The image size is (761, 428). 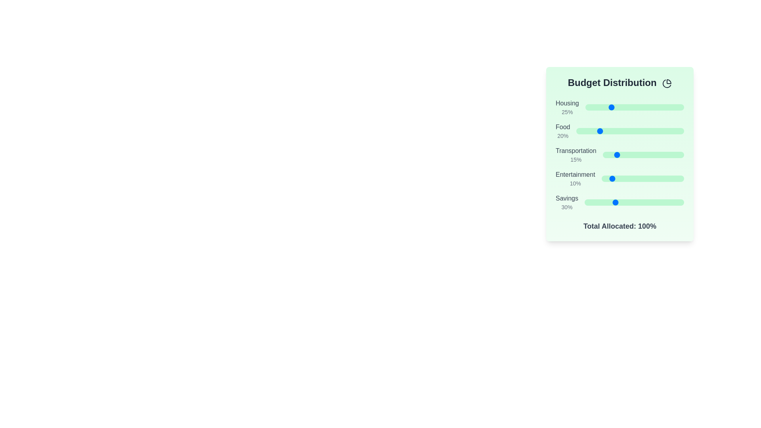 What do you see at coordinates (608, 131) in the screenshot?
I see `the 'Food' slider to set its value to 30` at bounding box center [608, 131].